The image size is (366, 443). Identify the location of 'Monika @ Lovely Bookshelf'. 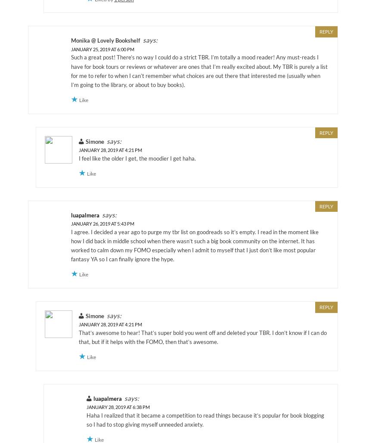
(105, 40).